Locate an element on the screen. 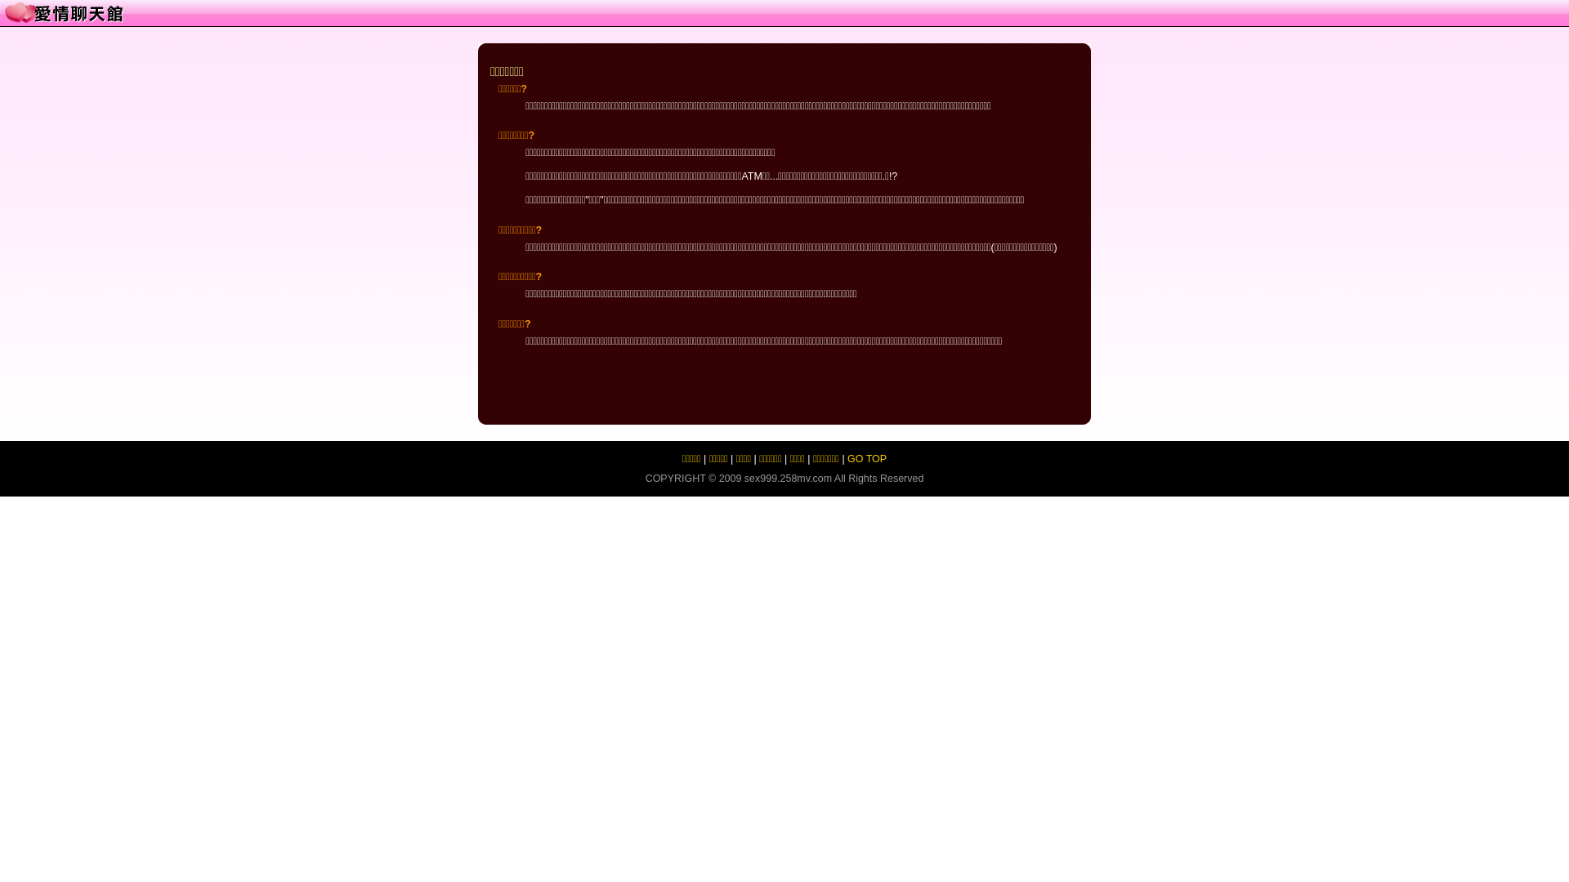 Image resolution: width=1569 pixels, height=882 pixels. 'sex999.258mv.com' is located at coordinates (788, 478).